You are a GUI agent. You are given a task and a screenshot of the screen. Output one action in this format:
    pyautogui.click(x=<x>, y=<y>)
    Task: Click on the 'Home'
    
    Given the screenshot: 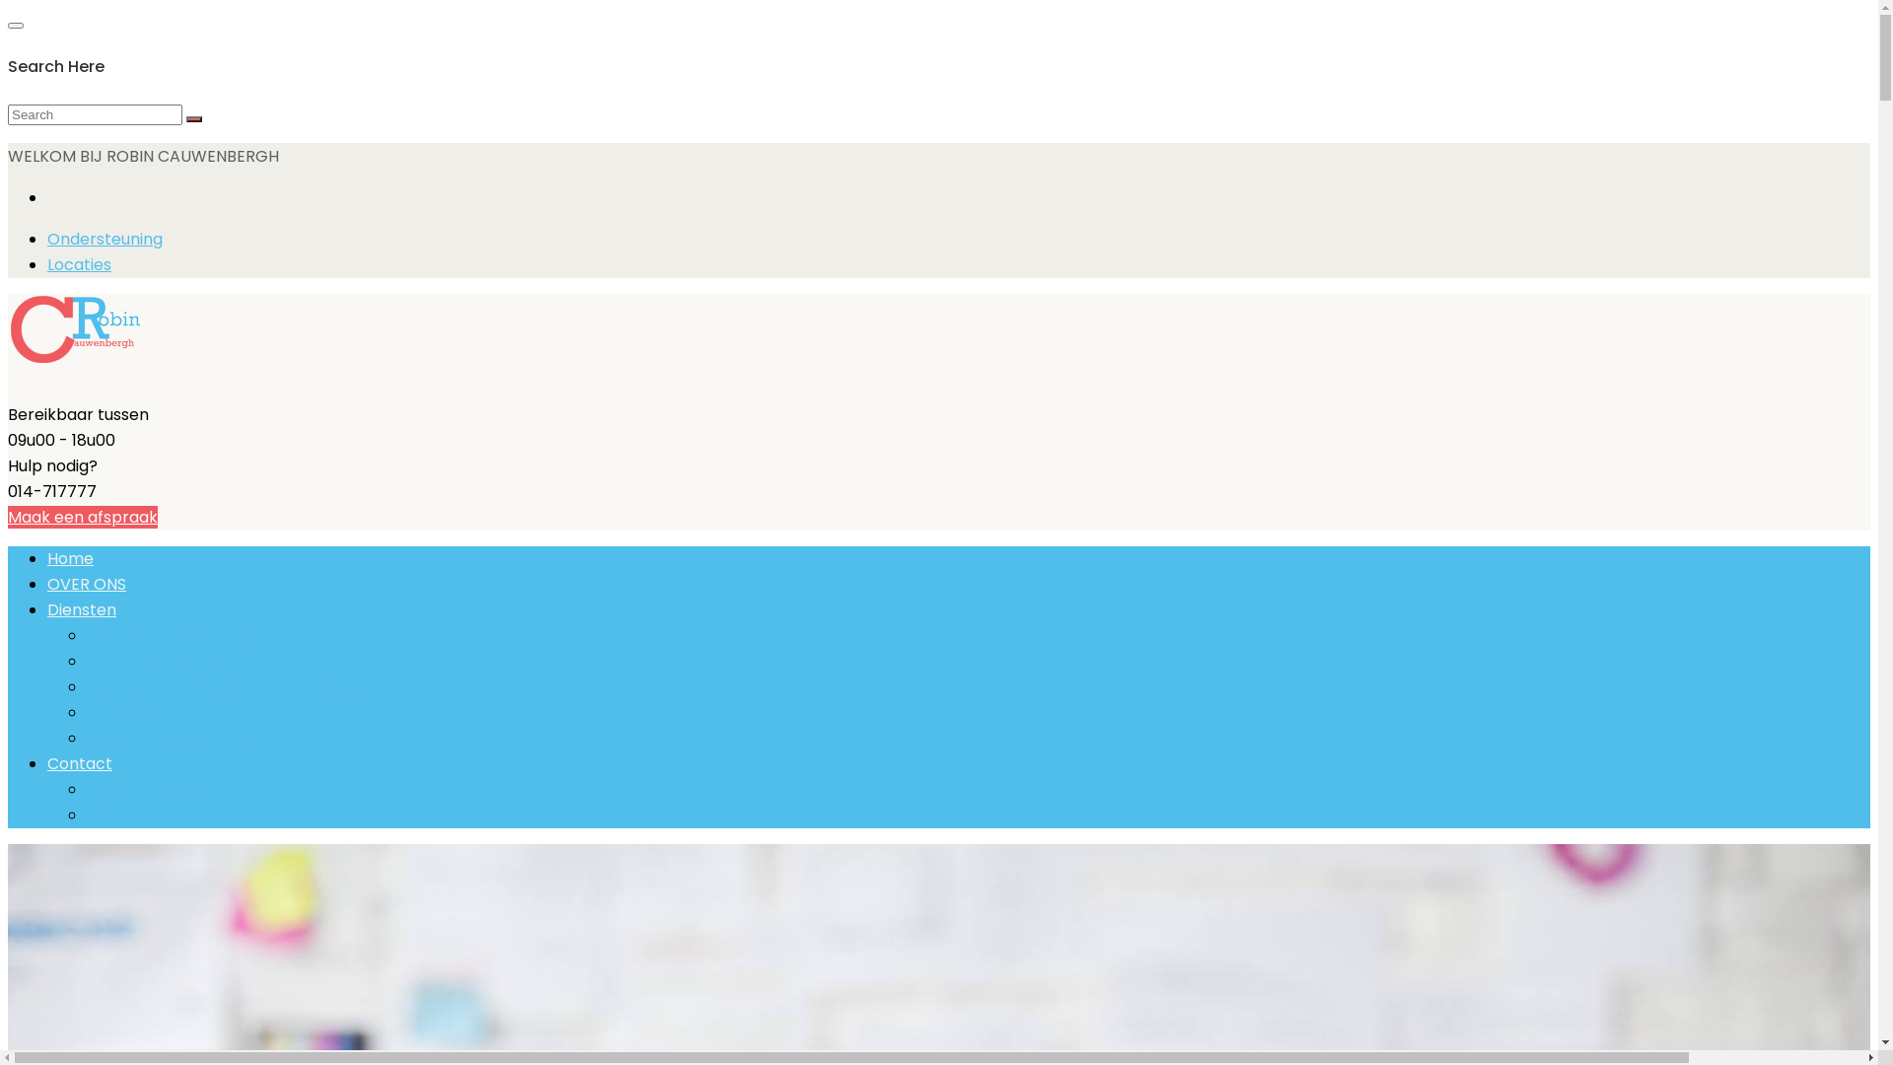 What is the action you would take?
    pyautogui.click(x=70, y=558)
    